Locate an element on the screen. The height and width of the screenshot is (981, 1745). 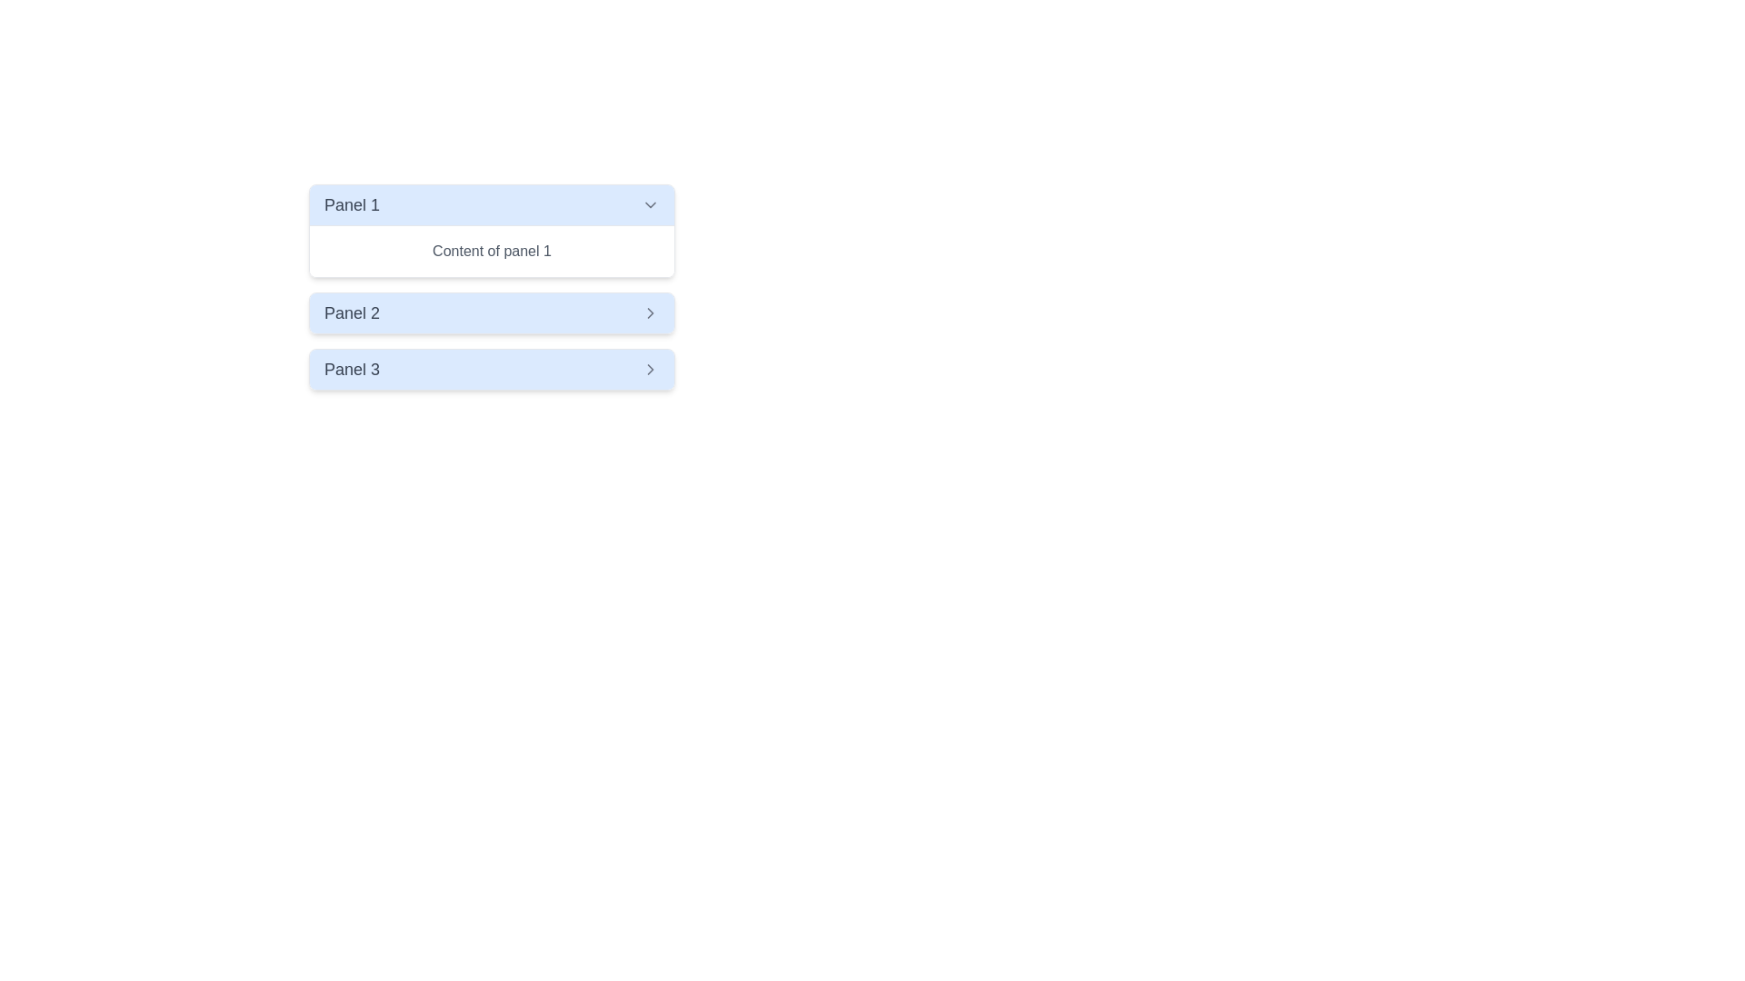
the icon located at the far right side of 'Panel 2' is located at coordinates (650, 312).